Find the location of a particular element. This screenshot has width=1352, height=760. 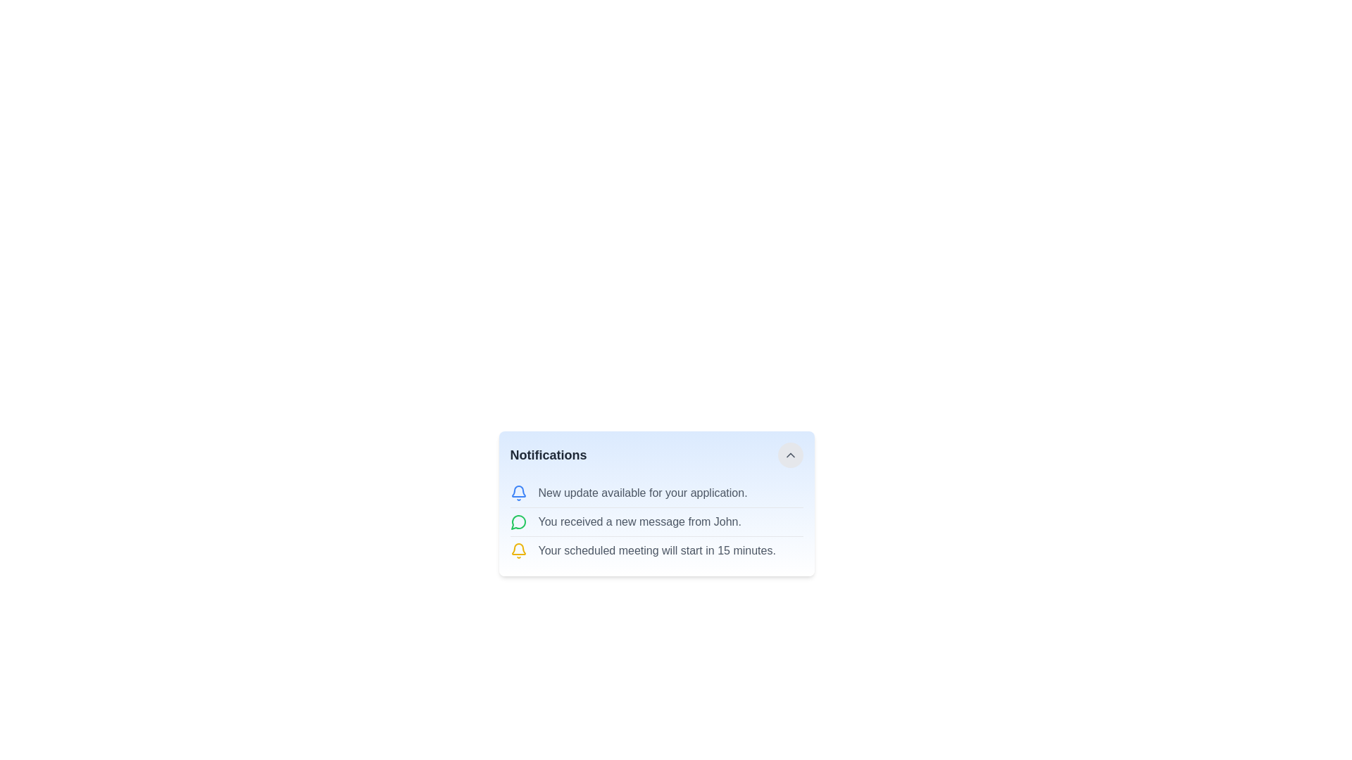

the second notification item in the list that indicates 'You received a new message from John.' is located at coordinates (656, 521).